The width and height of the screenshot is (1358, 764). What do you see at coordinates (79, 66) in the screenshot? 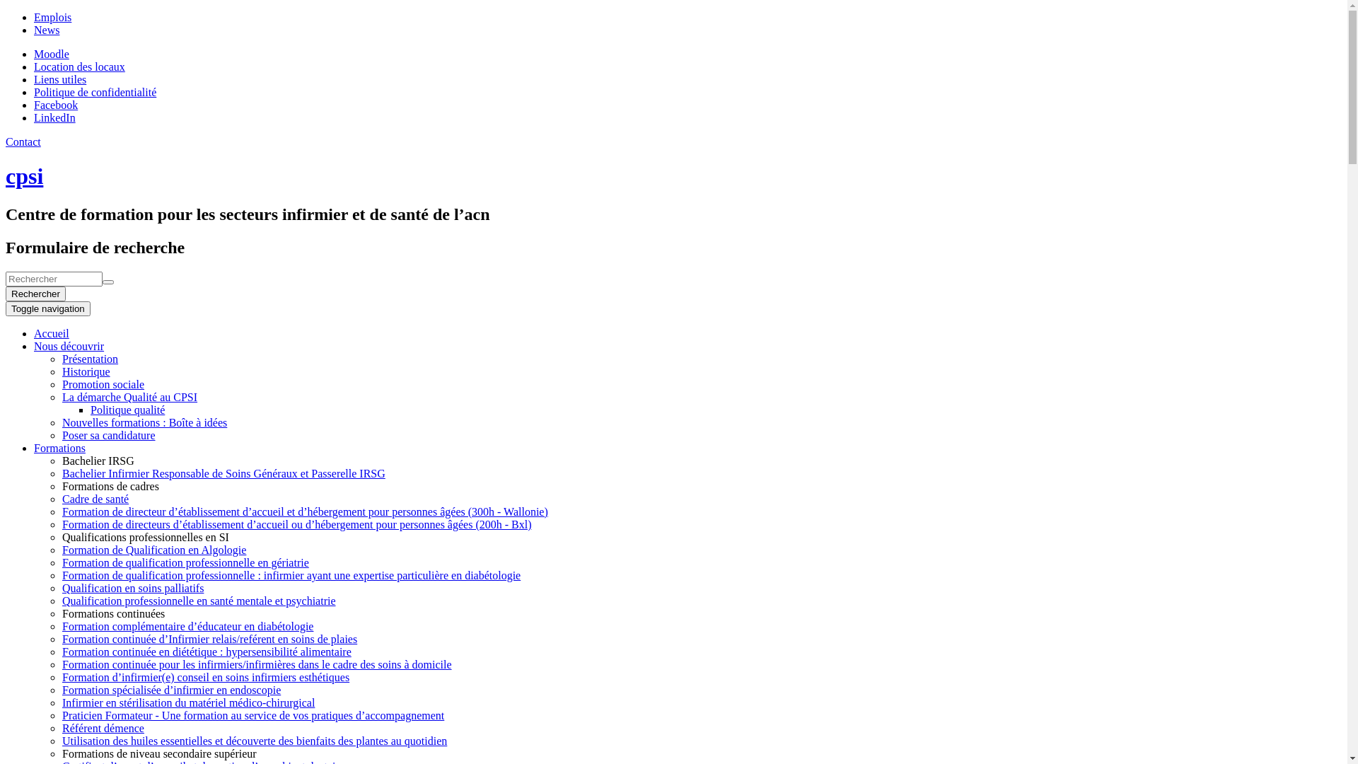
I see `'Location des locaux'` at bounding box center [79, 66].